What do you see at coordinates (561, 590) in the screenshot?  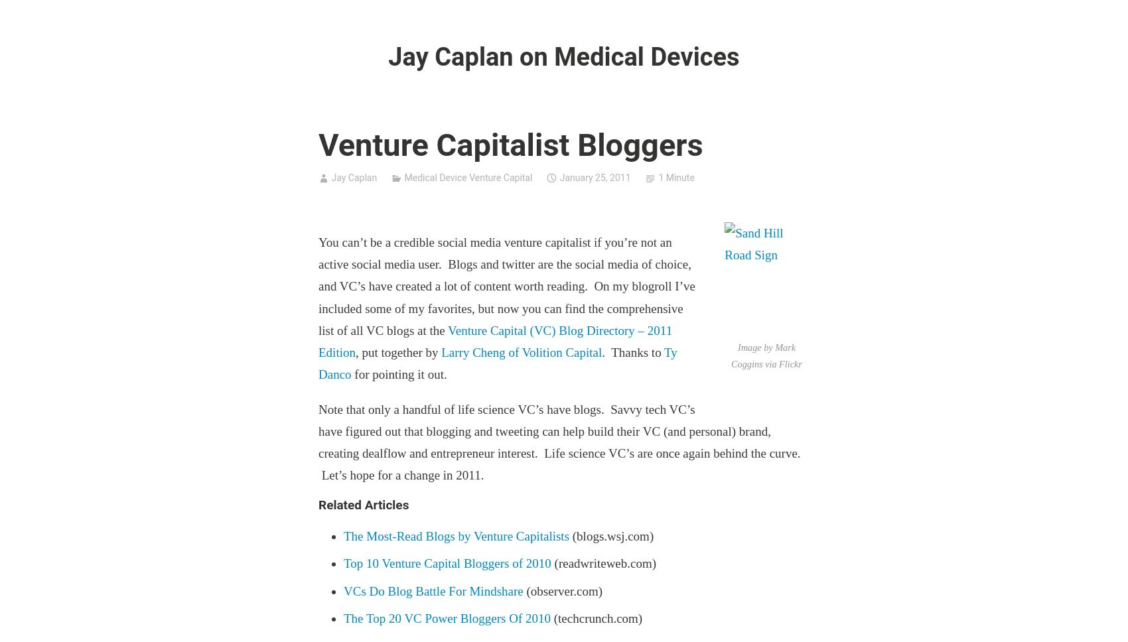 I see `'(observer.com)'` at bounding box center [561, 590].